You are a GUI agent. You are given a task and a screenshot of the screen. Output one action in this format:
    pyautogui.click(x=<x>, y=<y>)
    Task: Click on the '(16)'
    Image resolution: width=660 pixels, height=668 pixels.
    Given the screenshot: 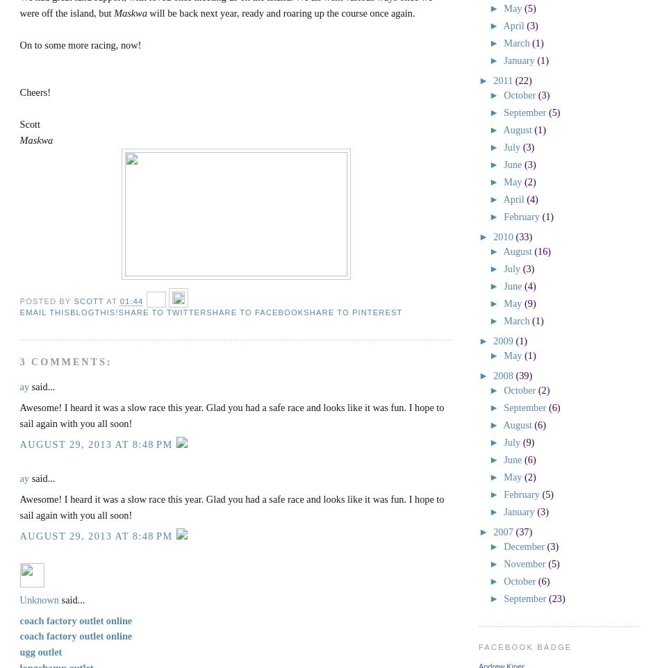 What is the action you would take?
    pyautogui.click(x=541, y=251)
    